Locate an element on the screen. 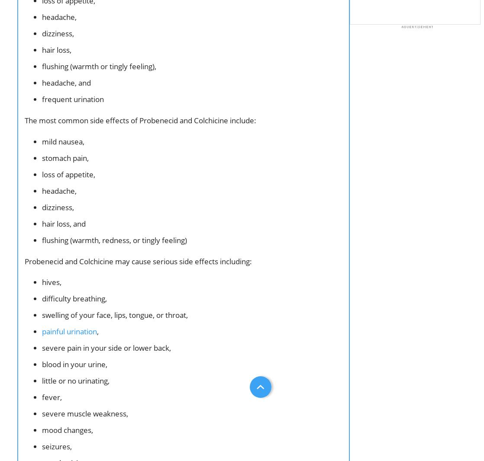  'hair loss, and' is located at coordinates (64, 223).